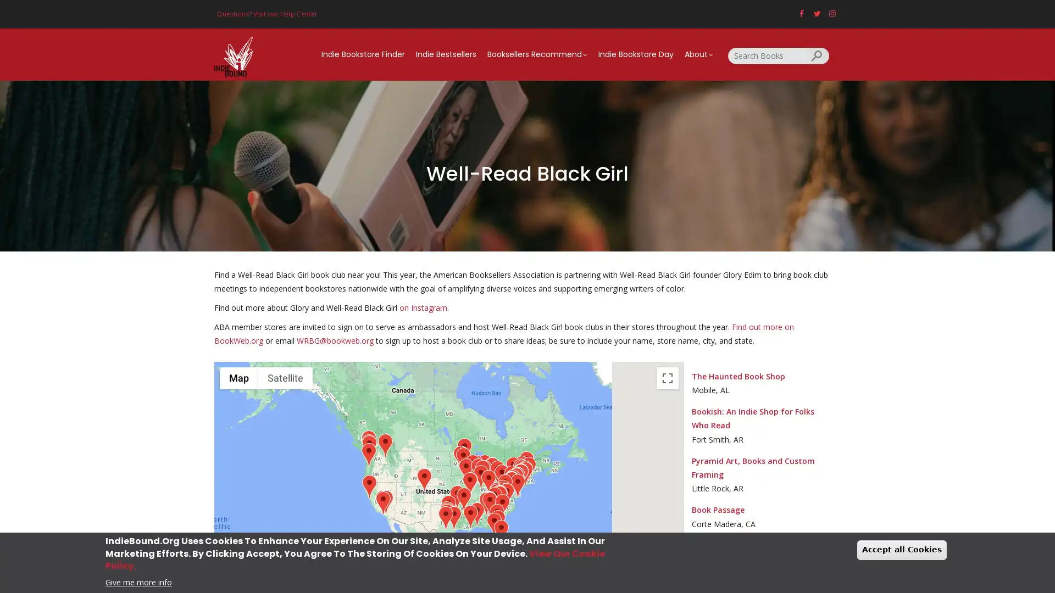 The image size is (1055, 593). What do you see at coordinates (463, 458) in the screenshot?
I see `Fair Trade Books` at bounding box center [463, 458].